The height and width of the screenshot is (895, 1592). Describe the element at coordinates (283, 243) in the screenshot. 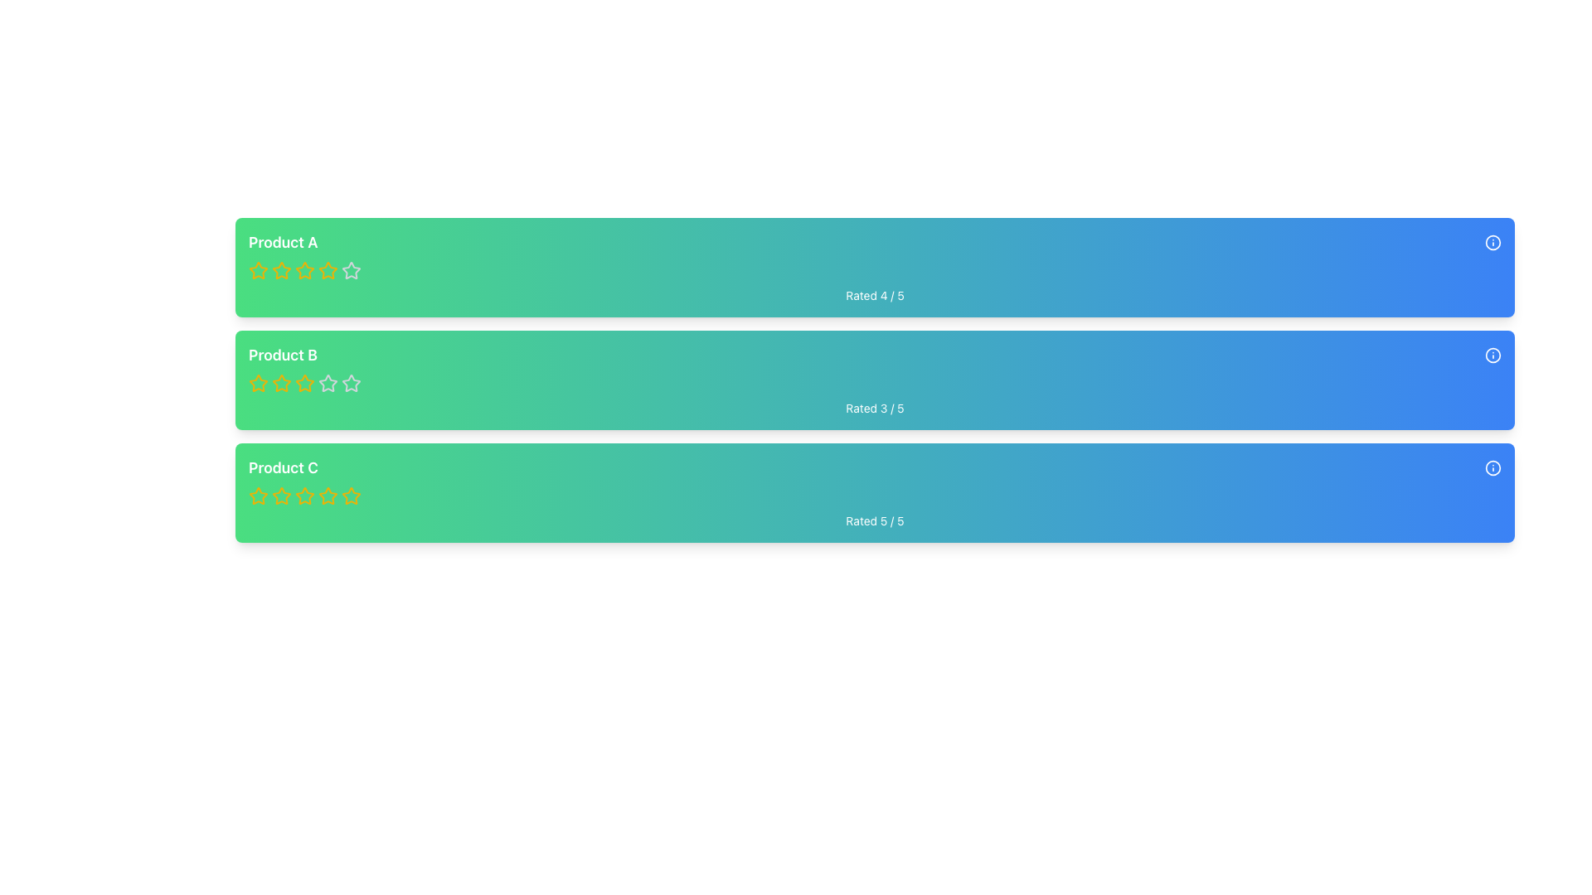

I see `the text label displaying 'Product A' which is styled in a bold and large sans-serif font on a green-to-blue gradient background, located at the upper left of the first row in a vertically stacked list` at that location.